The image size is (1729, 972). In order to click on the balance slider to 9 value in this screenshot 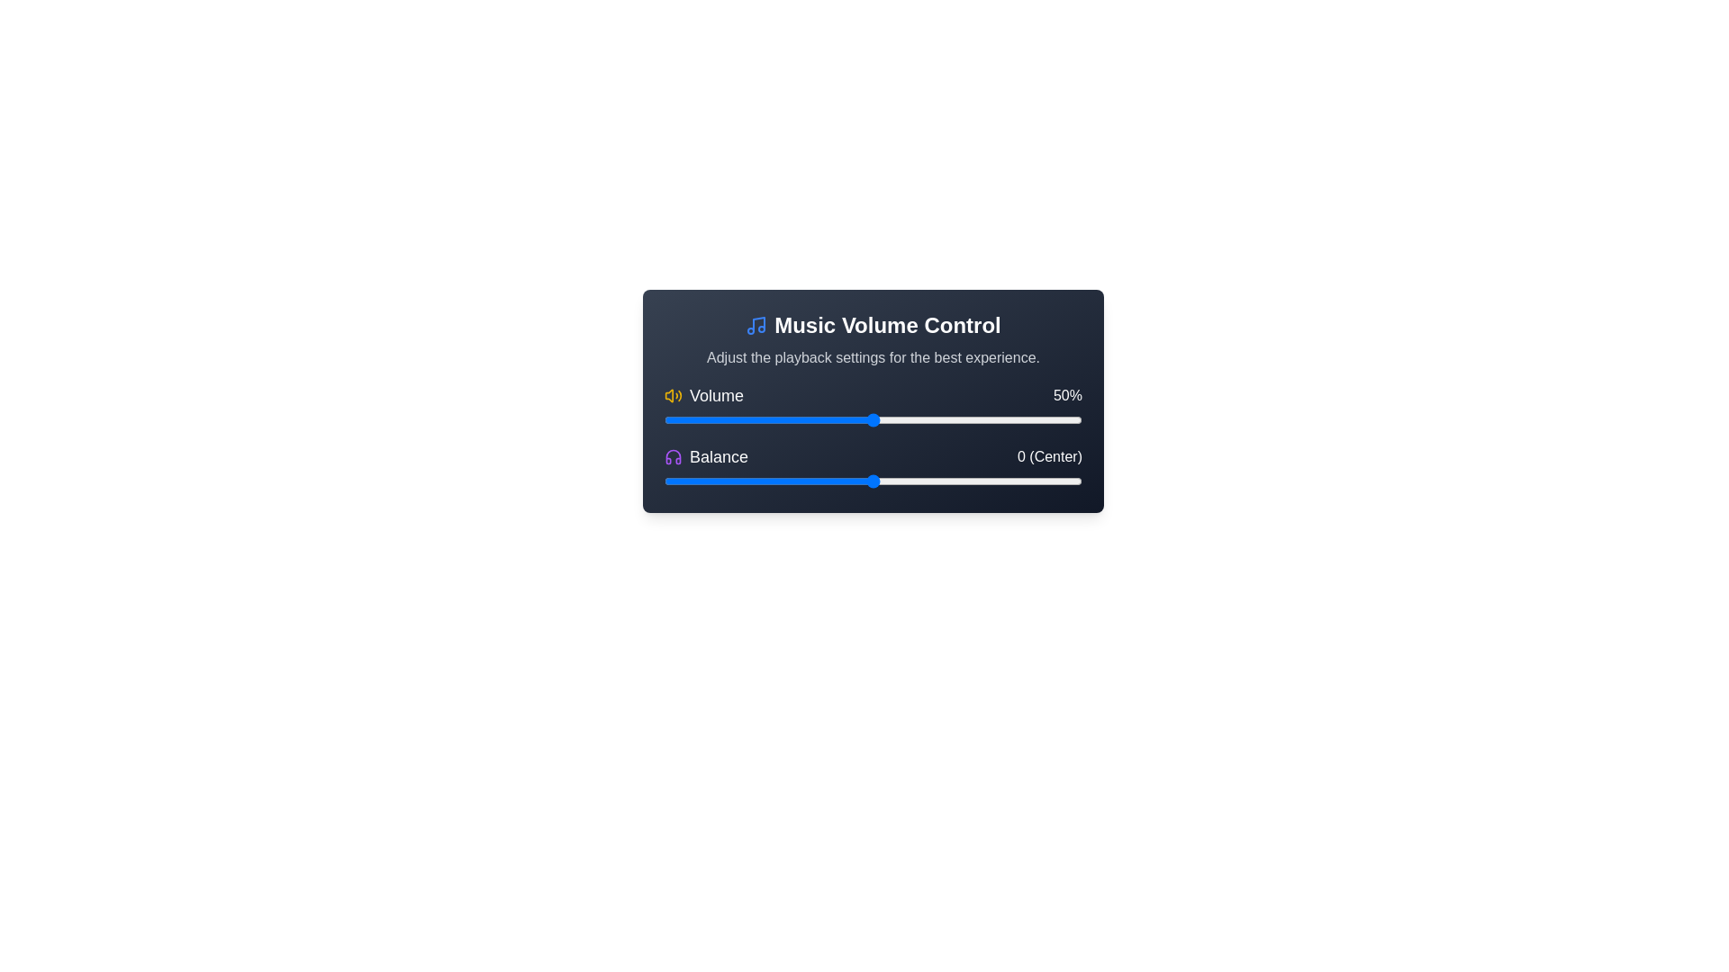, I will do `click(910, 481)`.